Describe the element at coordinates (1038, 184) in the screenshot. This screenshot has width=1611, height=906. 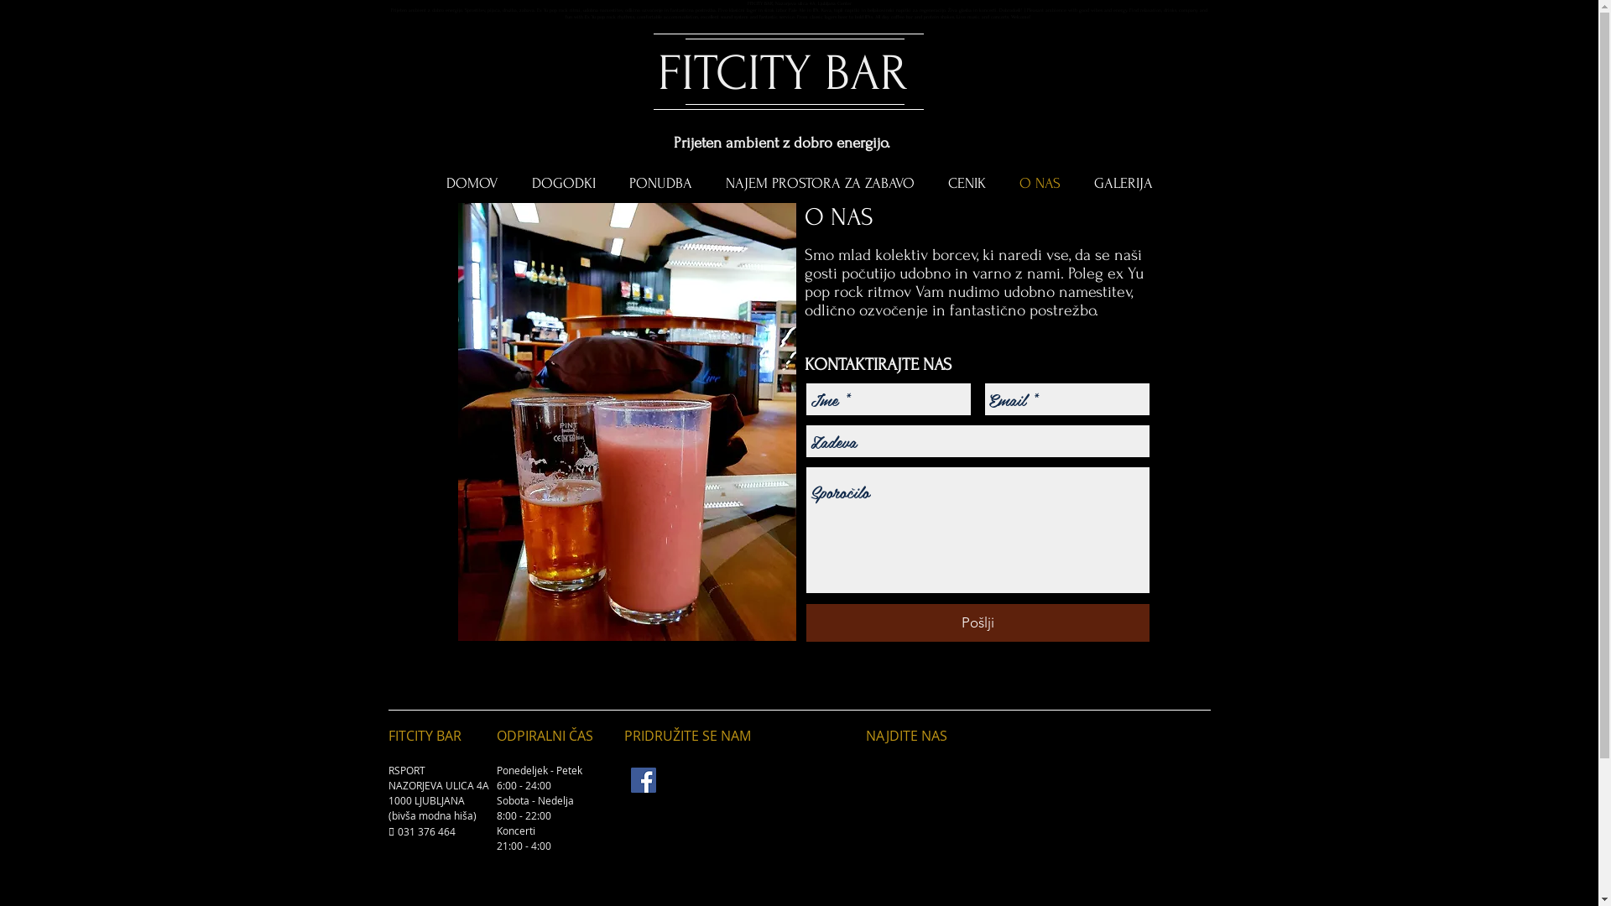
I see `'O NAS'` at that location.